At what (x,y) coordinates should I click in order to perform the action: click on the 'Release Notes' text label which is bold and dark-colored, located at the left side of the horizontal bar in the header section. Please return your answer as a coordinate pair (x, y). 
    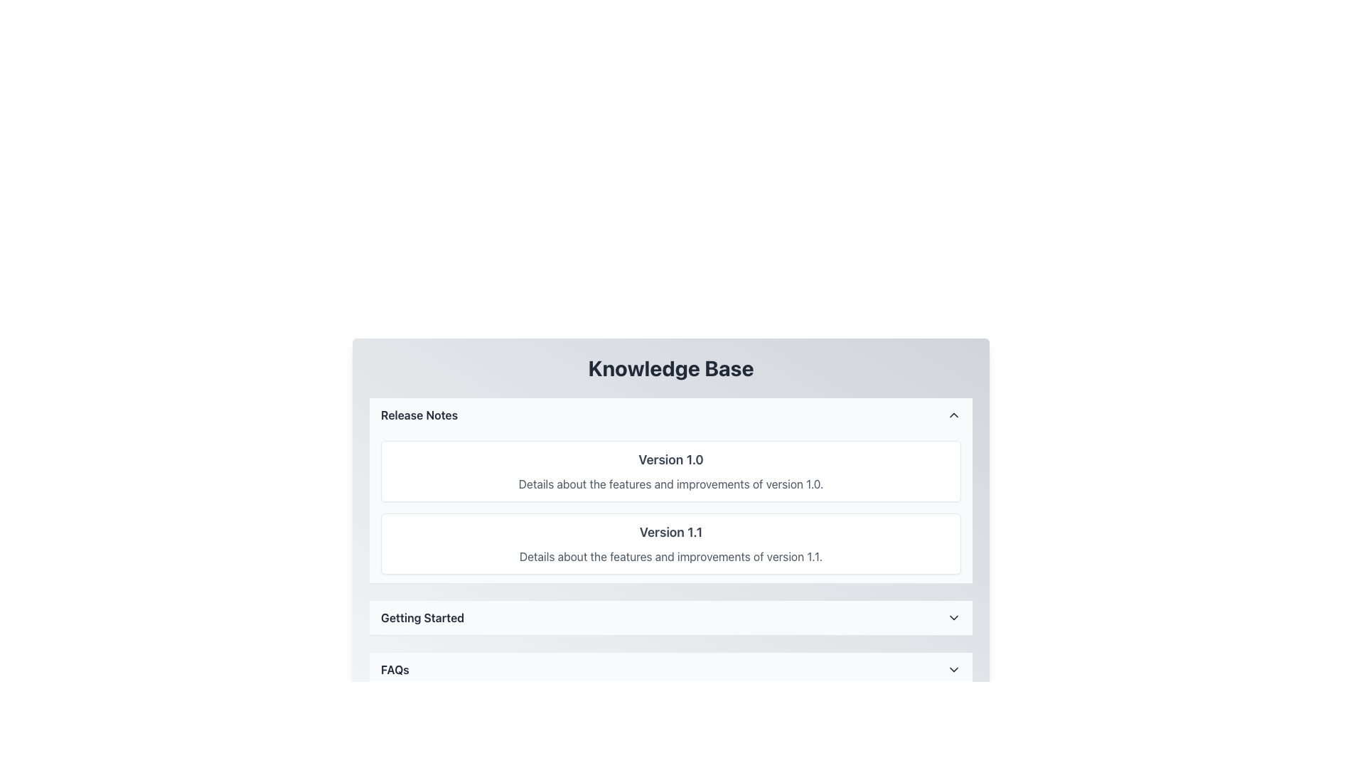
    Looking at the image, I should click on (419, 415).